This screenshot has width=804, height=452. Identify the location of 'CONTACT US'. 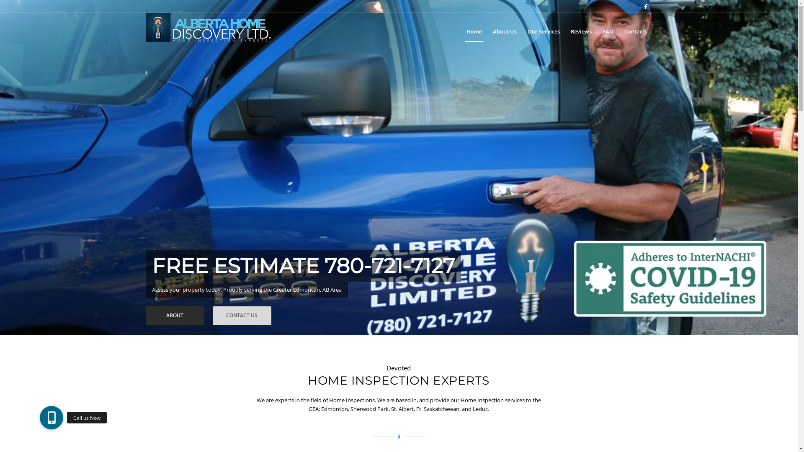
(241, 316).